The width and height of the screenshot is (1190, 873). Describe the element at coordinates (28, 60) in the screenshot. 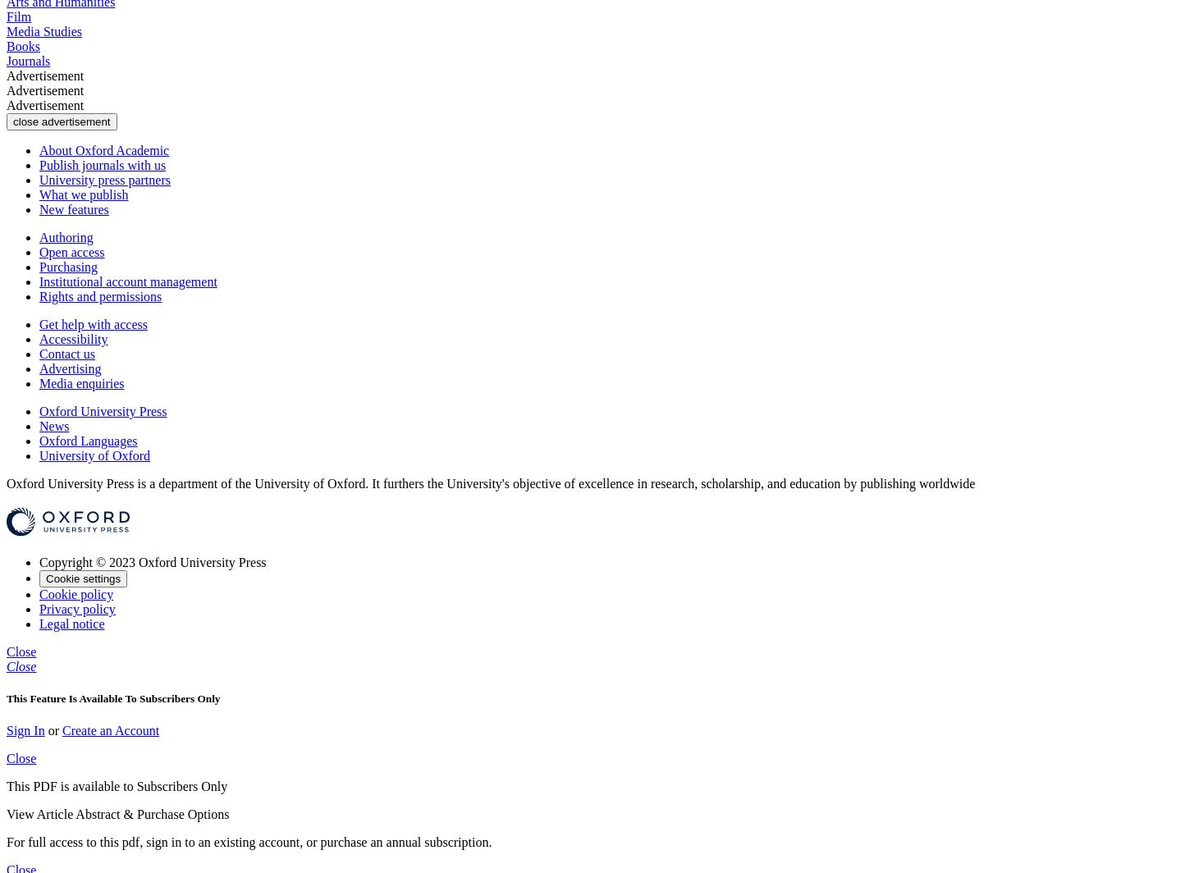

I see `'Journals'` at that location.